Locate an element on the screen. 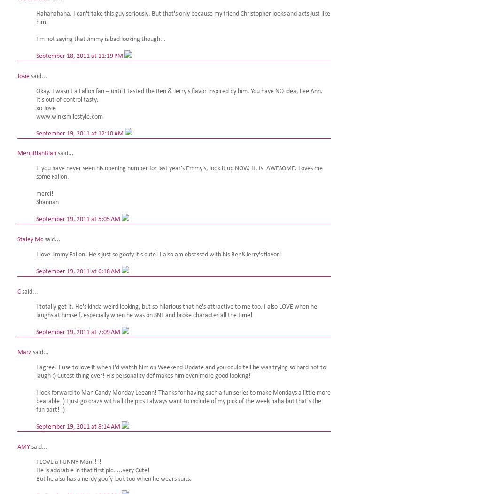  'MerciBlahBlah' is located at coordinates (37, 153).